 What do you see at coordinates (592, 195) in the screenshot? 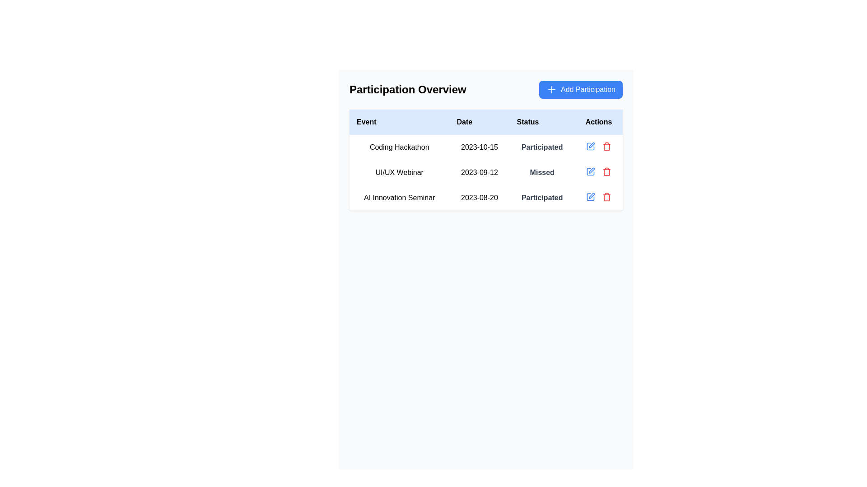
I see `the SVG-based icon located in the 'Actions' column of the table row for the event 'AI Innovation Seminar'` at bounding box center [592, 195].